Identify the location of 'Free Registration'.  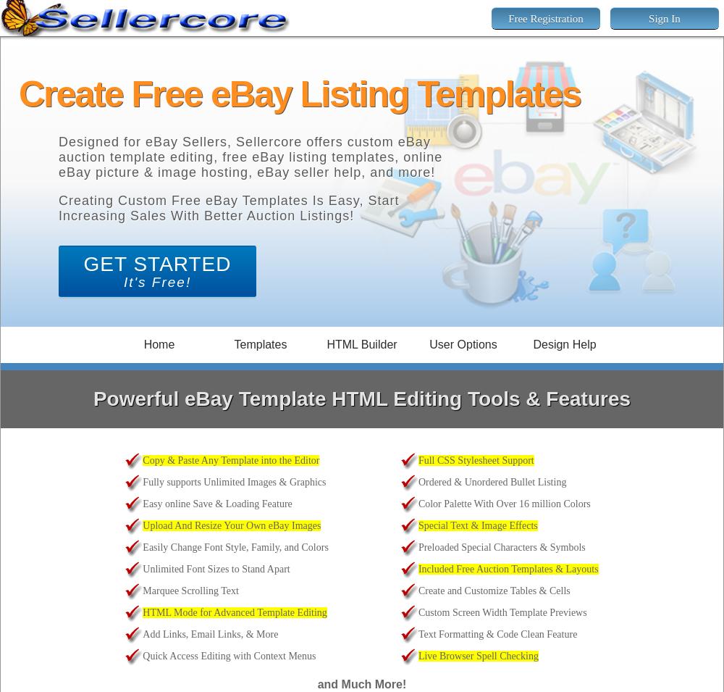
(545, 17).